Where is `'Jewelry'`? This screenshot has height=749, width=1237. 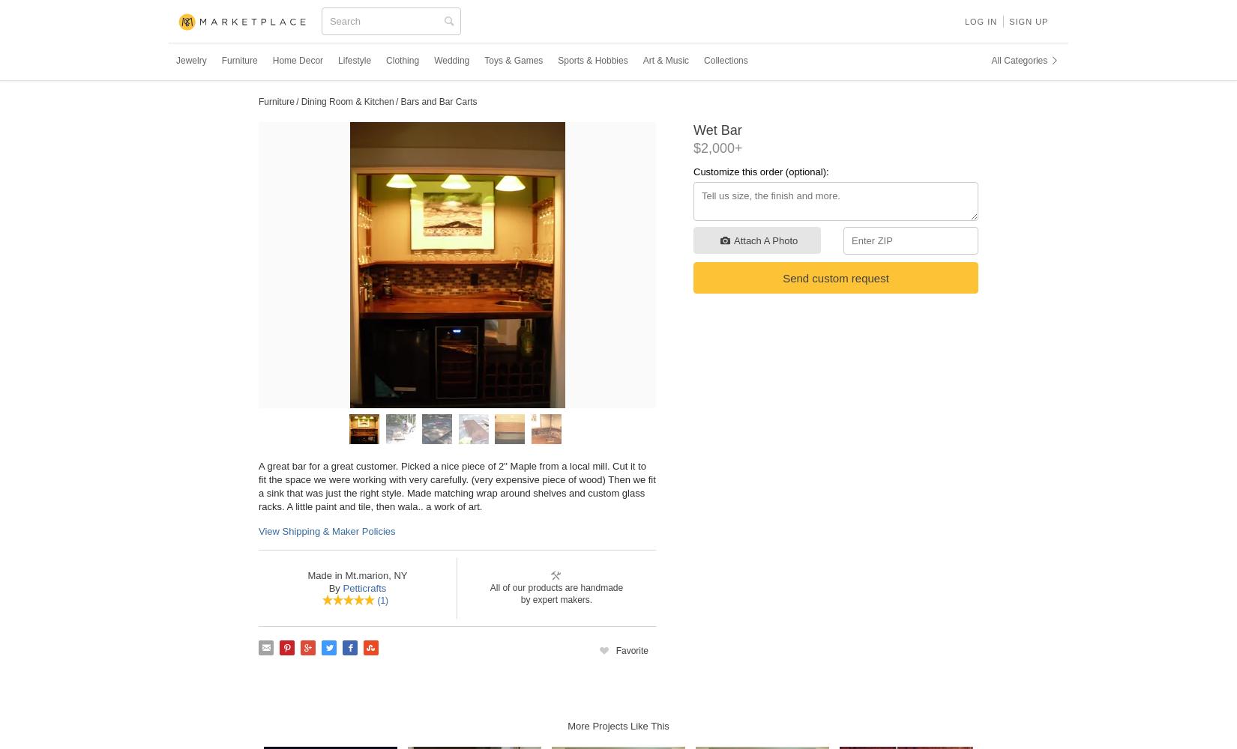
'Jewelry' is located at coordinates (190, 60).